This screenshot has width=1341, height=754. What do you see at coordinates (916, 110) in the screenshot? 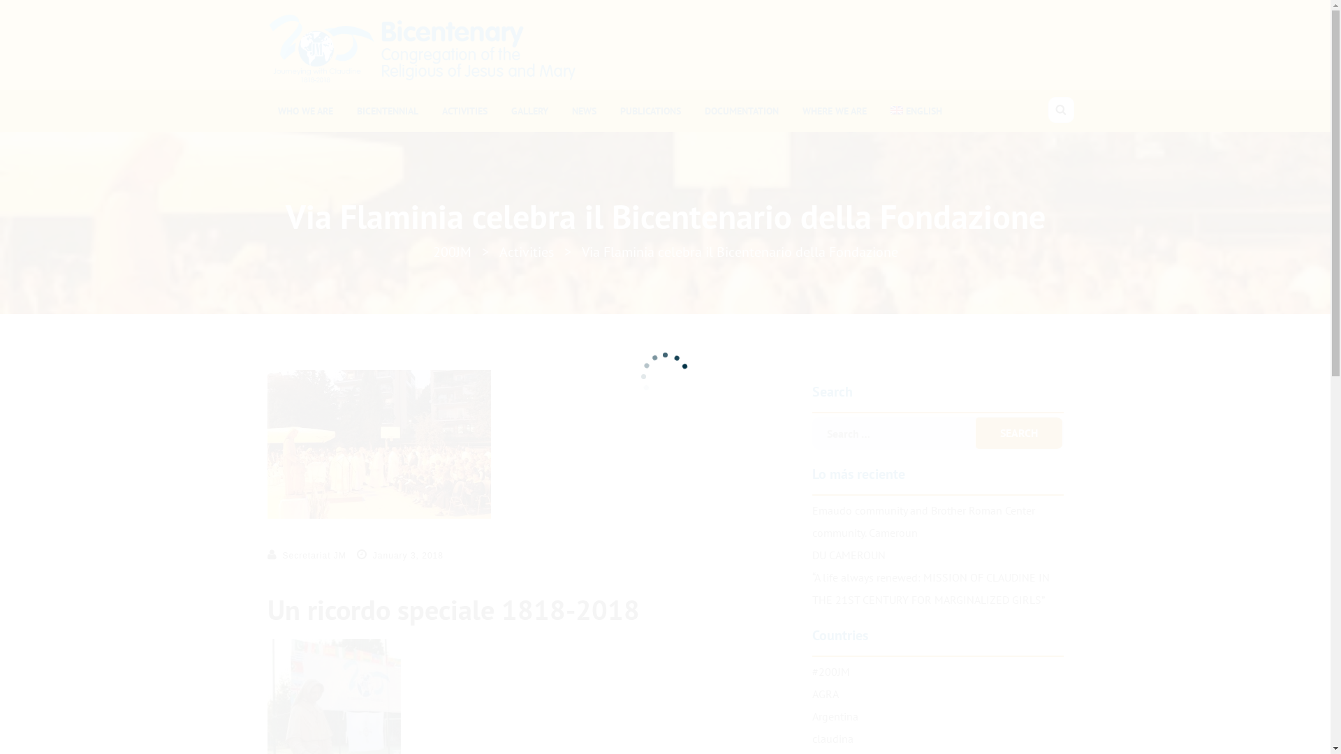
I see `'ENGLISH'` at bounding box center [916, 110].